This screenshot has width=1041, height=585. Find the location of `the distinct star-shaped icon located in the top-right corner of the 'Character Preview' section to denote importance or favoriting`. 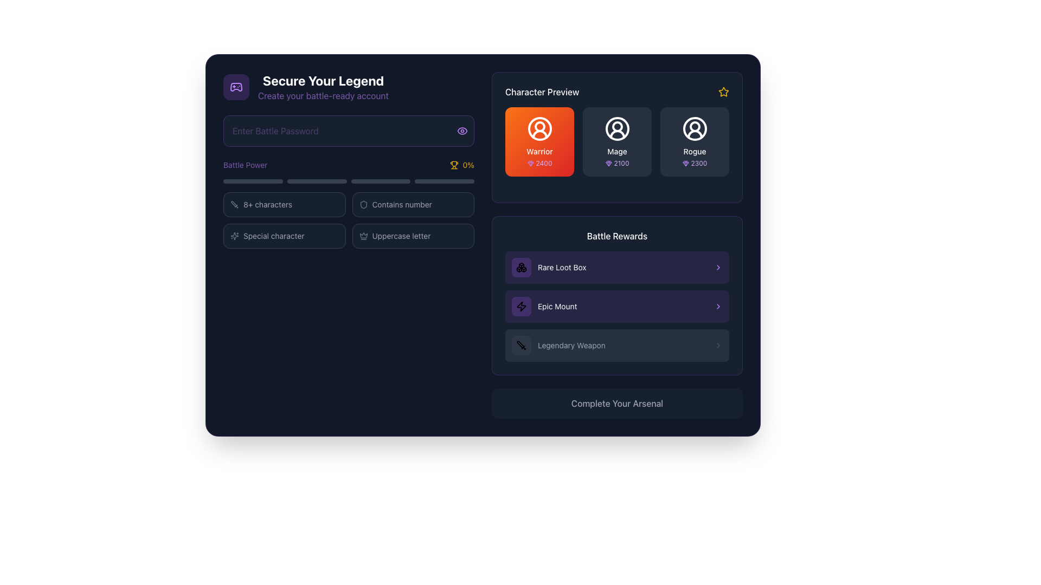

the distinct star-shaped icon located in the top-right corner of the 'Character Preview' section to denote importance or favoriting is located at coordinates (723, 91).